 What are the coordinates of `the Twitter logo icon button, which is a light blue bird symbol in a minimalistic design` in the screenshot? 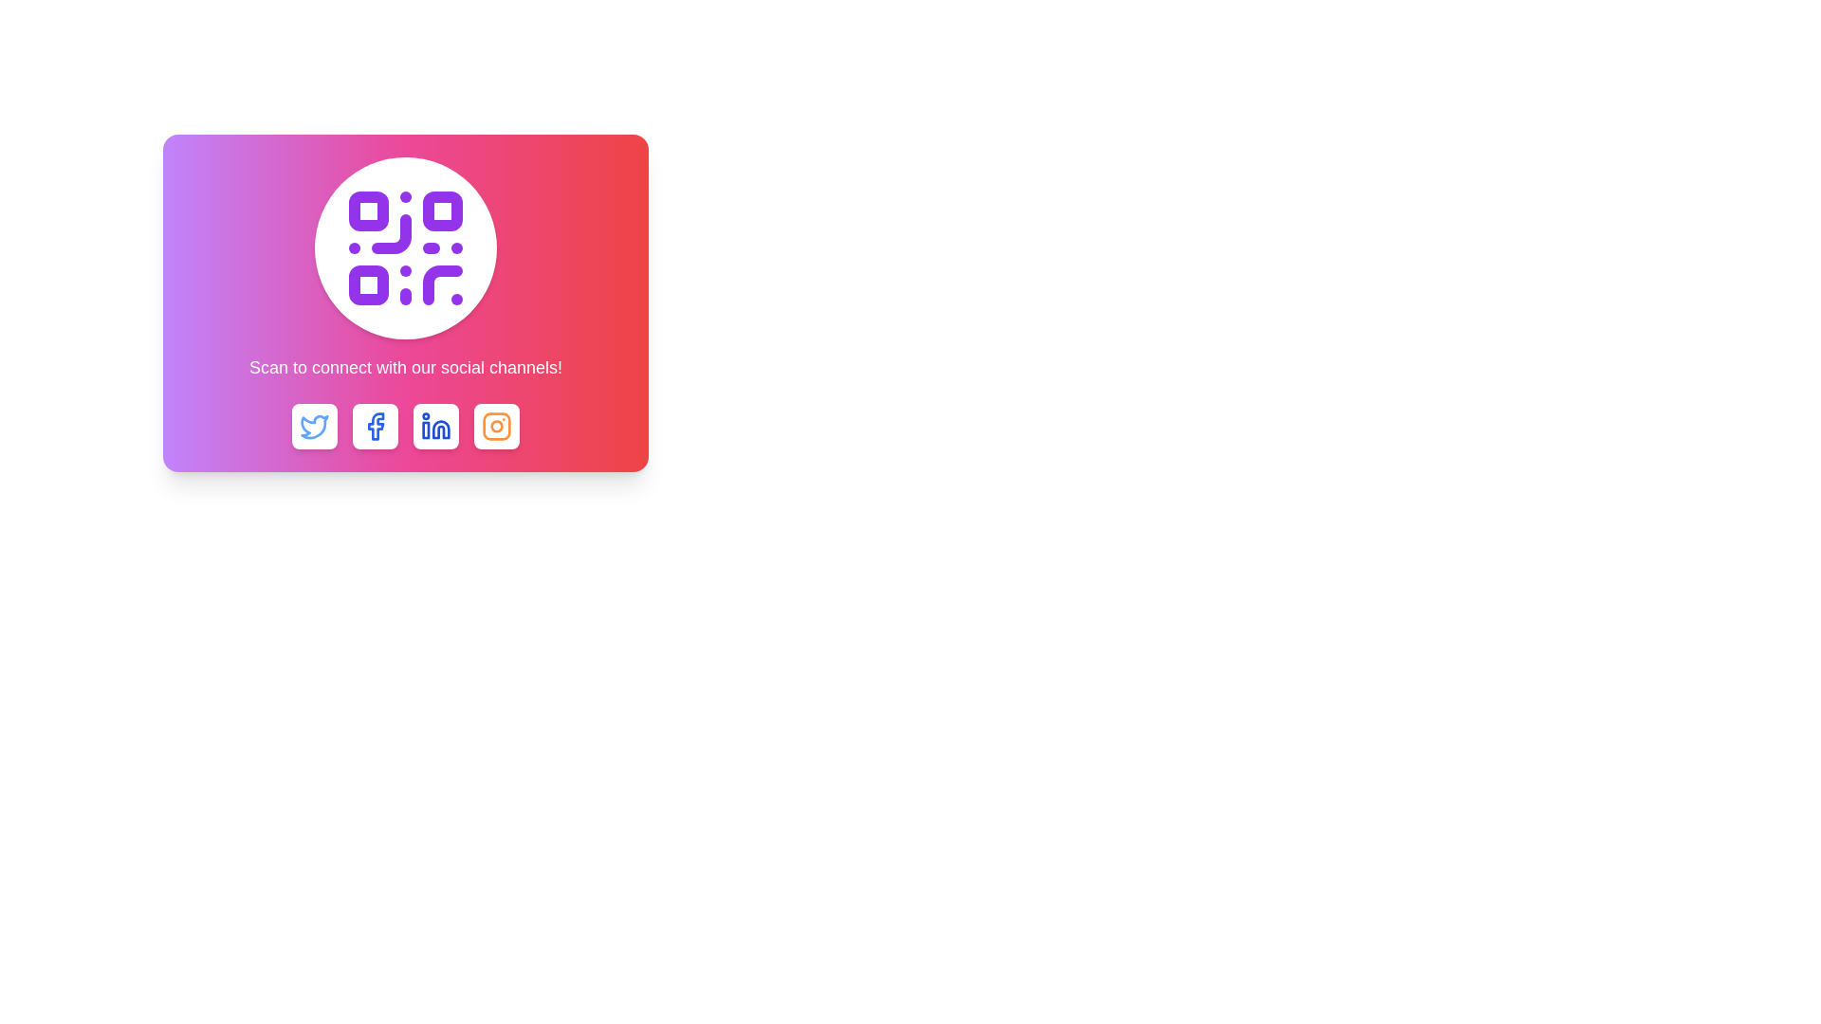 It's located at (314, 427).